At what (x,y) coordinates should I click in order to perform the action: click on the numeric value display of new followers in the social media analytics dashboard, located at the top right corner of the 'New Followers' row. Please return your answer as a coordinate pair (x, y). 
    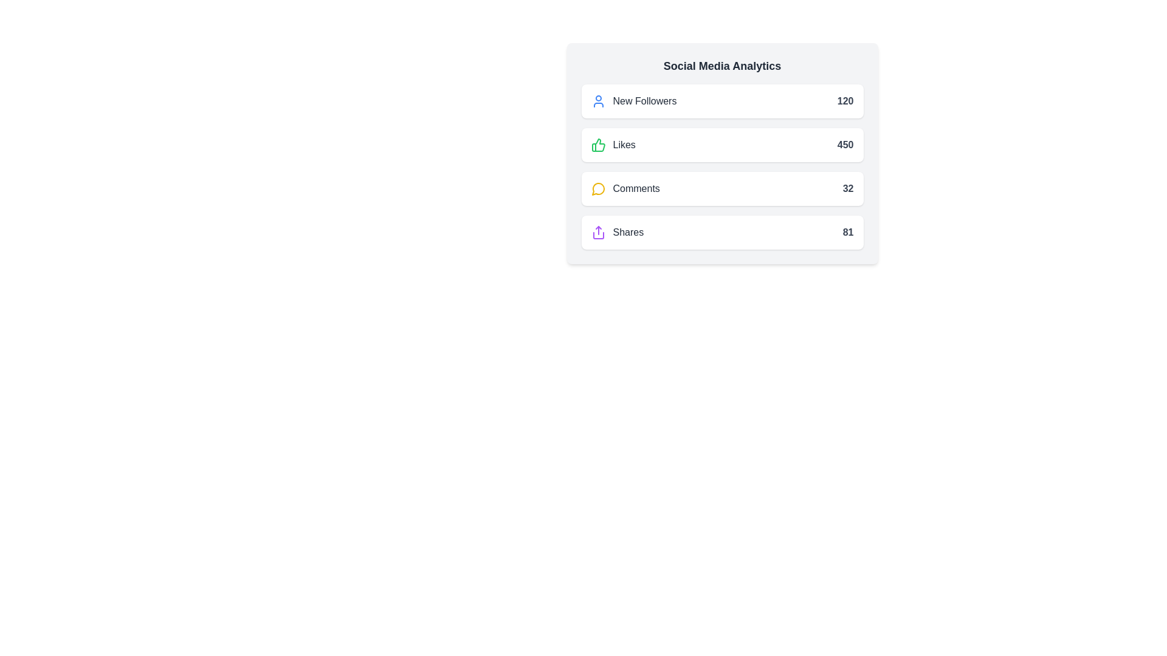
    Looking at the image, I should click on (845, 100).